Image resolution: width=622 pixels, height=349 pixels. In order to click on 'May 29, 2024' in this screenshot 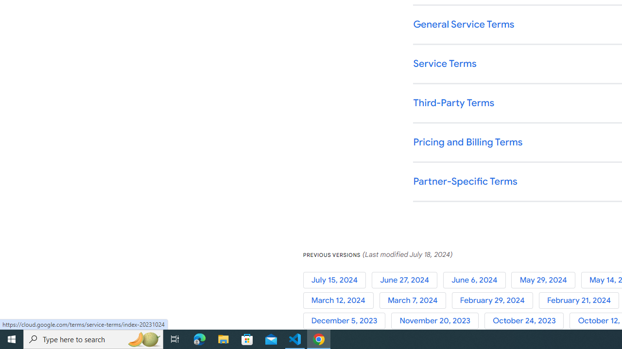, I will do `click(546, 280)`.